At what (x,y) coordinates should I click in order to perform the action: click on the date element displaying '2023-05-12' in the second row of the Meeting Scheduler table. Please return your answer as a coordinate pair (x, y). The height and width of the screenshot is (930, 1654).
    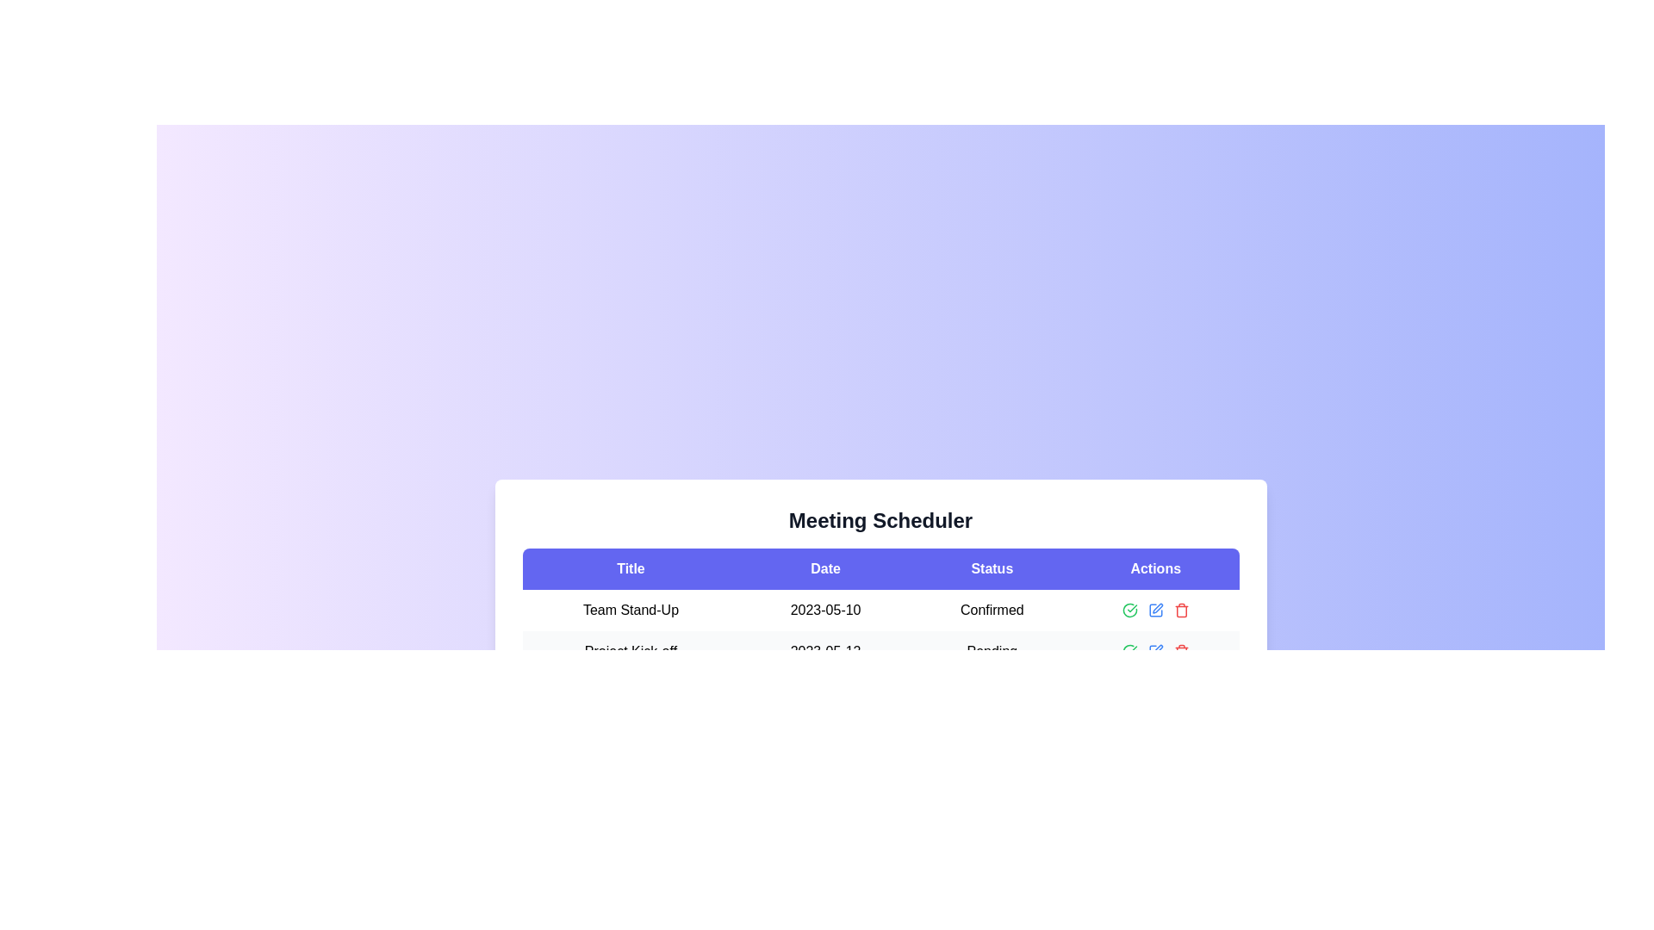
    Looking at the image, I should click on (824, 651).